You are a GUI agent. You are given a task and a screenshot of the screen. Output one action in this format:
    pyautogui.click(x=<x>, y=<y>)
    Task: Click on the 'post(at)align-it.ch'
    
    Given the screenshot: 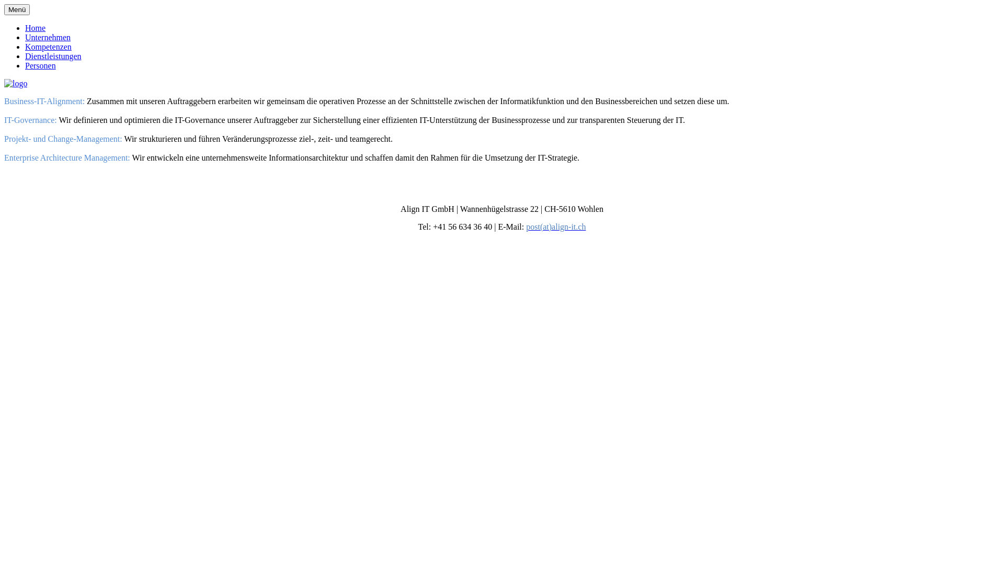 What is the action you would take?
    pyautogui.click(x=555, y=226)
    